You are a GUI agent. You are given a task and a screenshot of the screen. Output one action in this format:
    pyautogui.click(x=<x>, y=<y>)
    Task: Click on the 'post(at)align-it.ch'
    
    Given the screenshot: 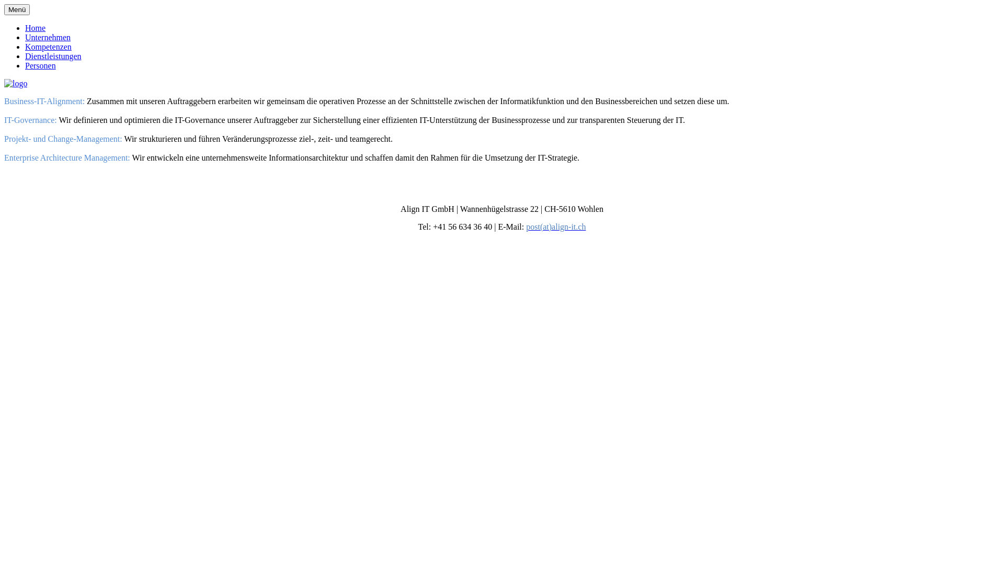 What is the action you would take?
    pyautogui.click(x=555, y=226)
    